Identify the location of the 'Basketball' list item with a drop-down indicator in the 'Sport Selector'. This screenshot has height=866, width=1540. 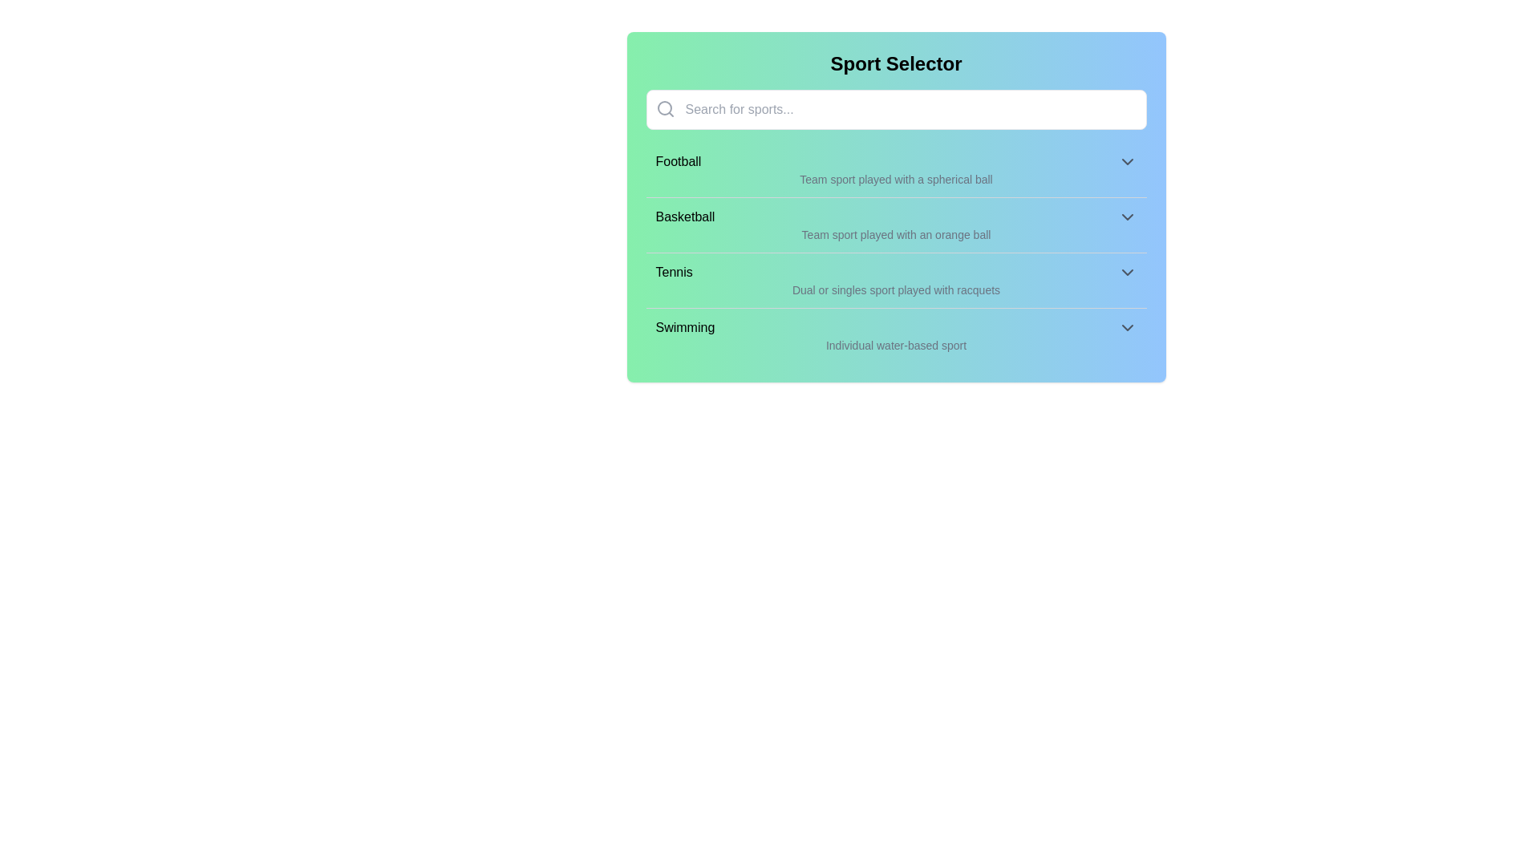
(895, 216).